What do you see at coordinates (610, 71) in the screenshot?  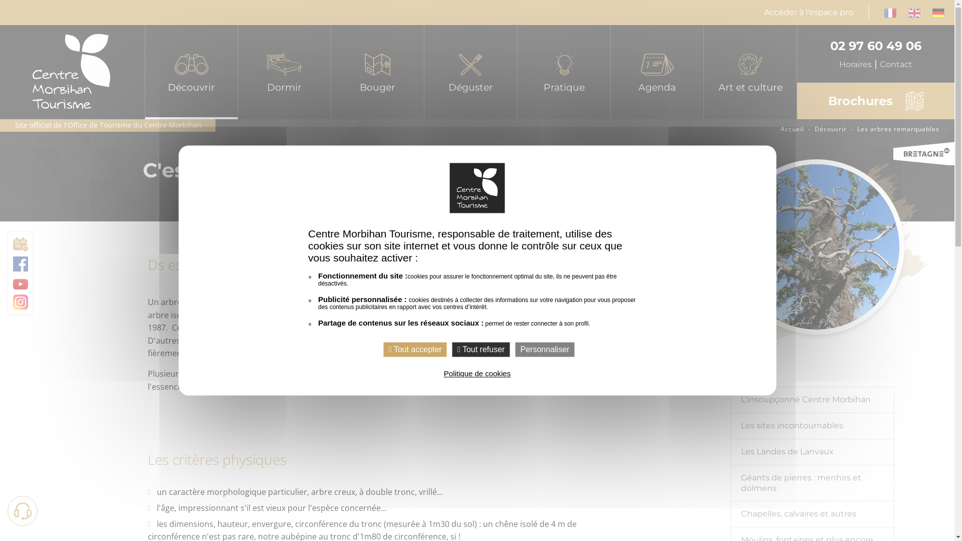 I see `'Agenda'` at bounding box center [610, 71].